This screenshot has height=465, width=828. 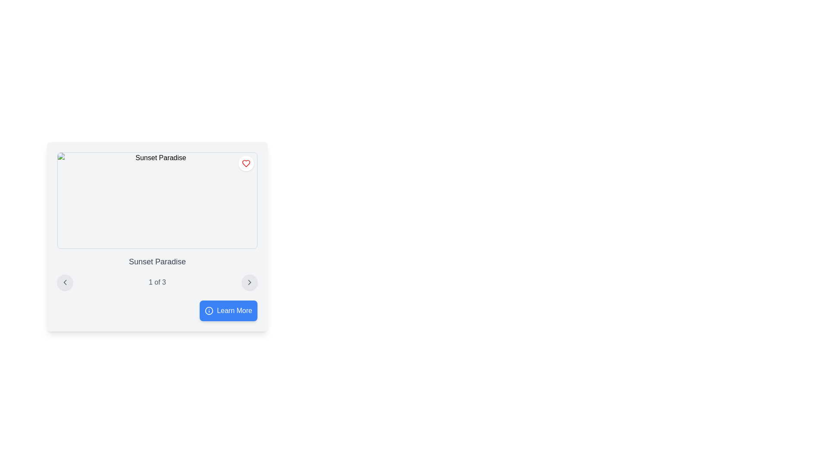 What do you see at coordinates (64, 282) in the screenshot?
I see `the left-pointing chevron icon embedded in a circular button, which is part of a button group beneath a card interface` at bounding box center [64, 282].